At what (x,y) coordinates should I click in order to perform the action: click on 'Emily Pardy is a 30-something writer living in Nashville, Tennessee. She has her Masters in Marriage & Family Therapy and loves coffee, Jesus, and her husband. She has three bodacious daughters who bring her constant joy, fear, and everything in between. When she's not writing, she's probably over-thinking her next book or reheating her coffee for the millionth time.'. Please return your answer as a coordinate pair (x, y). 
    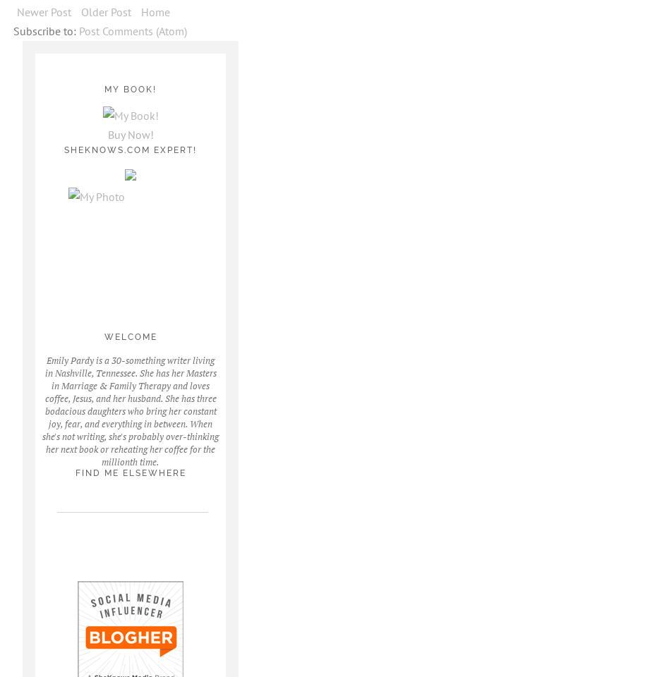
    Looking at the image, I should click on (129, 410).